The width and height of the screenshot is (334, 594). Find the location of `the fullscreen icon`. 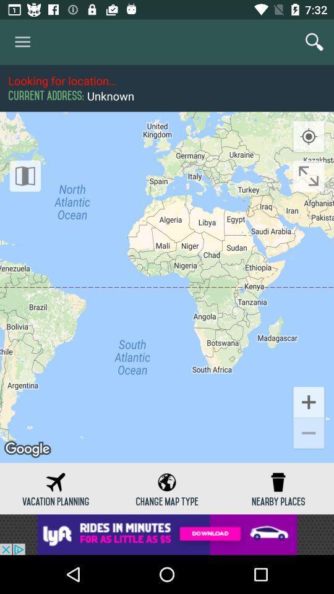

the fullscreen icon is located at coordinates (308, 175).